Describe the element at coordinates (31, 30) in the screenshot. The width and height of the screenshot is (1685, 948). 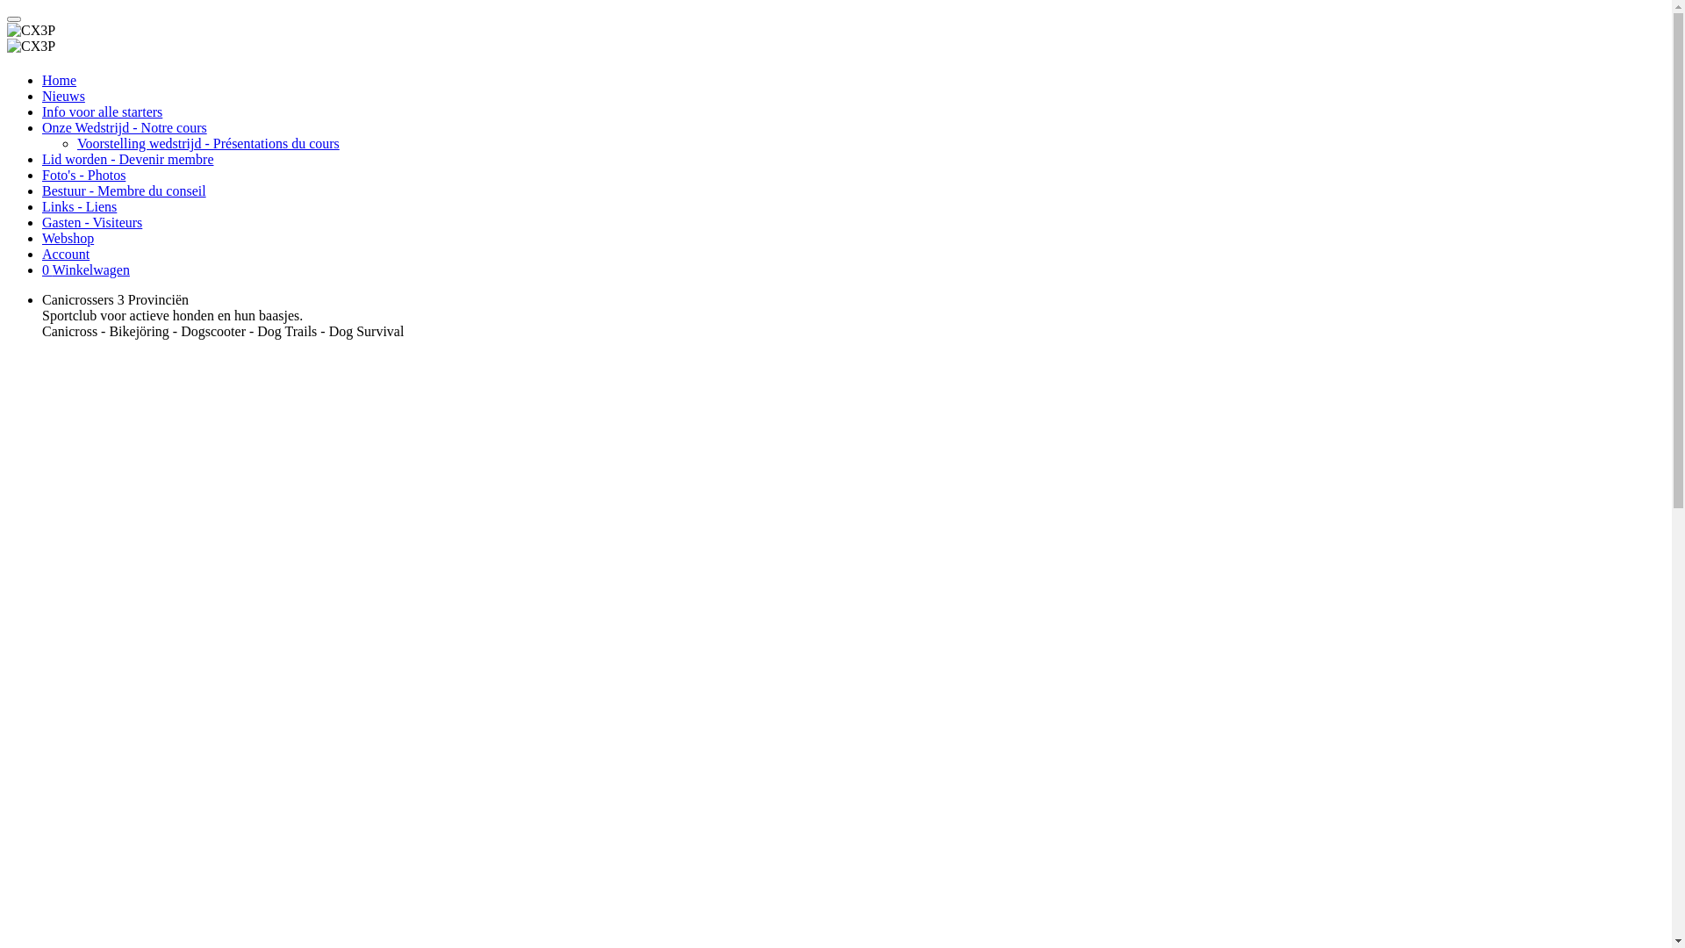
I see `'CX3P'` at that location.